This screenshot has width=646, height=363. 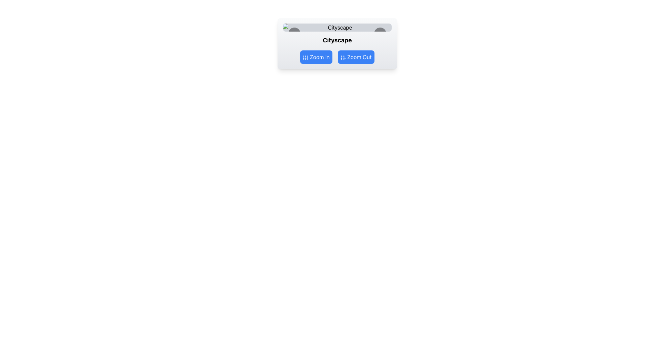 What do you see at coordinates (356, 56) in the screenshot?
I see `the 'Zoom Out' button, which has a blue background, white text, rounded corners, and an icon of vertical sliders, located to the right of the 'Zoom In' button below the text 'Cityscape'` at bounding box center [356, 56].